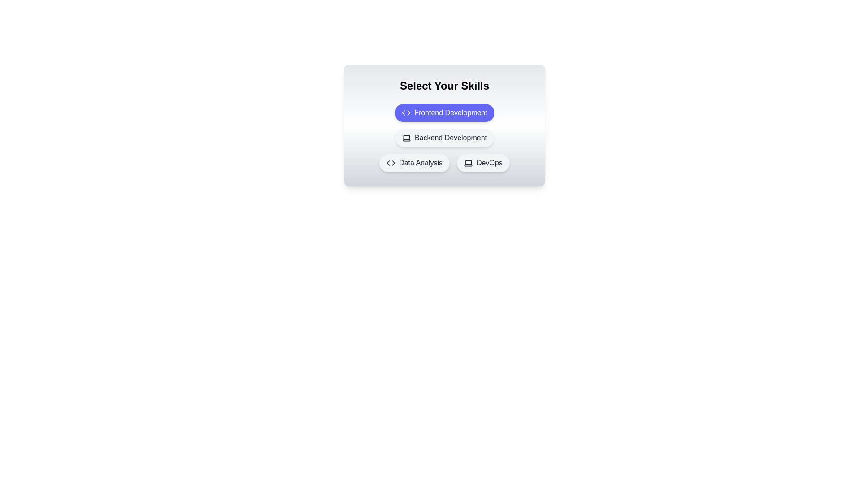 The image size is (860, 484). What do you see at coordinates (414, 163) in the screenshot?
I see `the skill chip labeled Data Analysis` at bounding box center [414, 163].